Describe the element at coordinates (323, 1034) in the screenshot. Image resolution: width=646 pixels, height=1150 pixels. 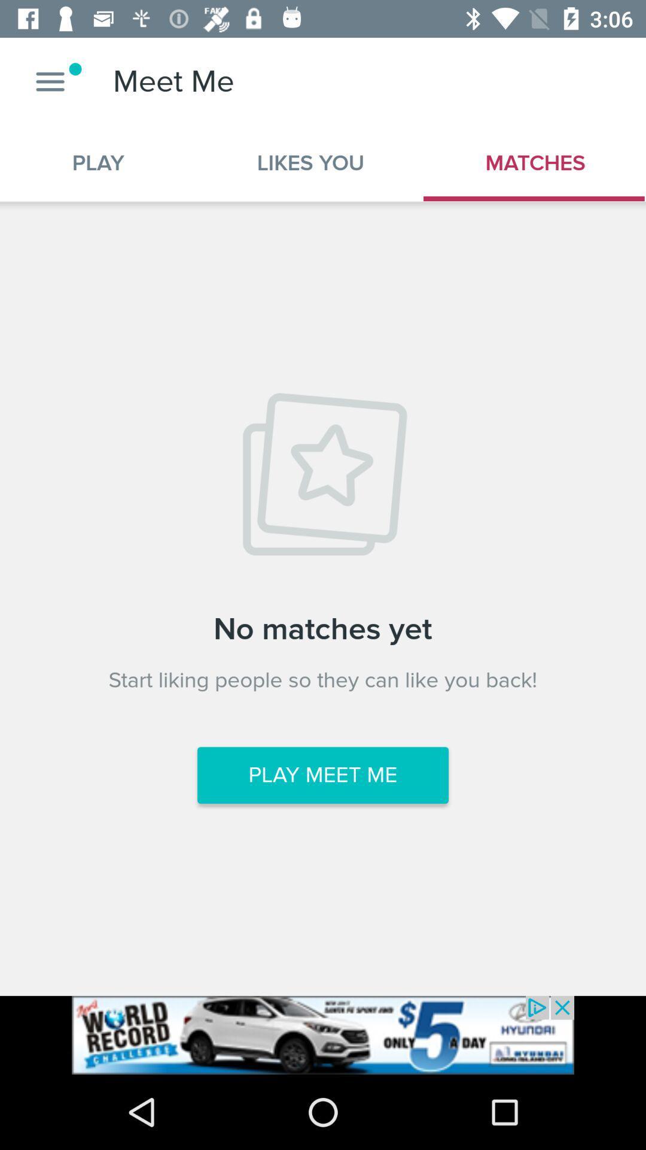
I see `see the advertisement` at that location.